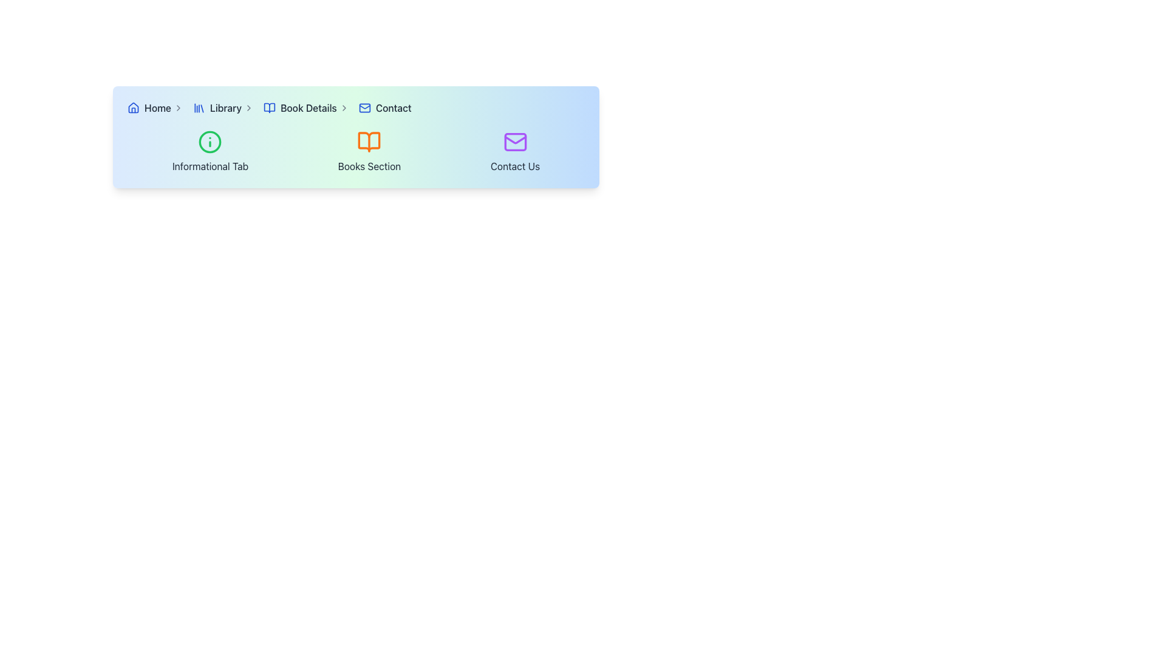 The image size is (1166, 656). What do you see at coordinates (384, 107) in the screenshot?
I see `the 'Contact' breadcrumb link at the end of the breadcrumb navigation bar` at bounding box center [384, 107].